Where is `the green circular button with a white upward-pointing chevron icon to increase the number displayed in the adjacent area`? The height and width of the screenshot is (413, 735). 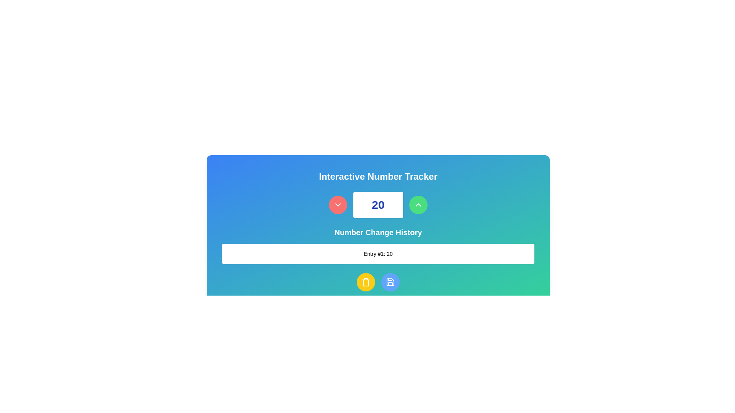
the green circular button with a white upward-pointing chevron icon to increase the number displayed in the adjacent area is located at coordinates (418, 205).